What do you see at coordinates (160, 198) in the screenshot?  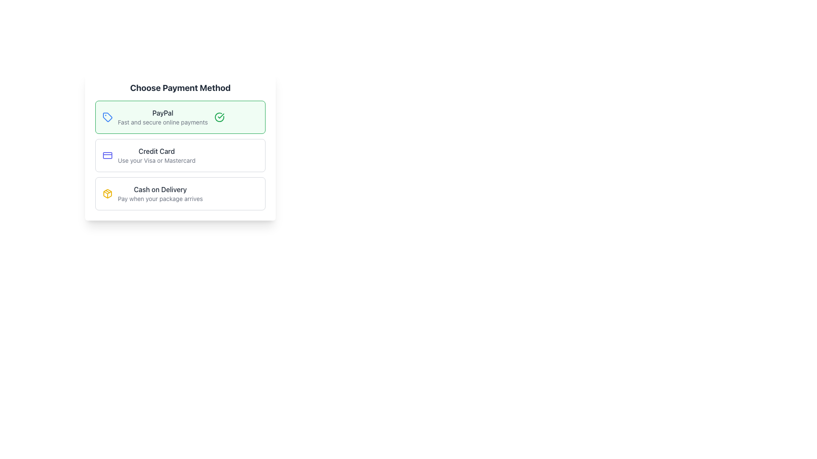 I see `the text element stating 'Pay when your package arrives', located below 'Cash on Delivery' in the 'Choose Payment Method' section` at bounding box center [160, 198].